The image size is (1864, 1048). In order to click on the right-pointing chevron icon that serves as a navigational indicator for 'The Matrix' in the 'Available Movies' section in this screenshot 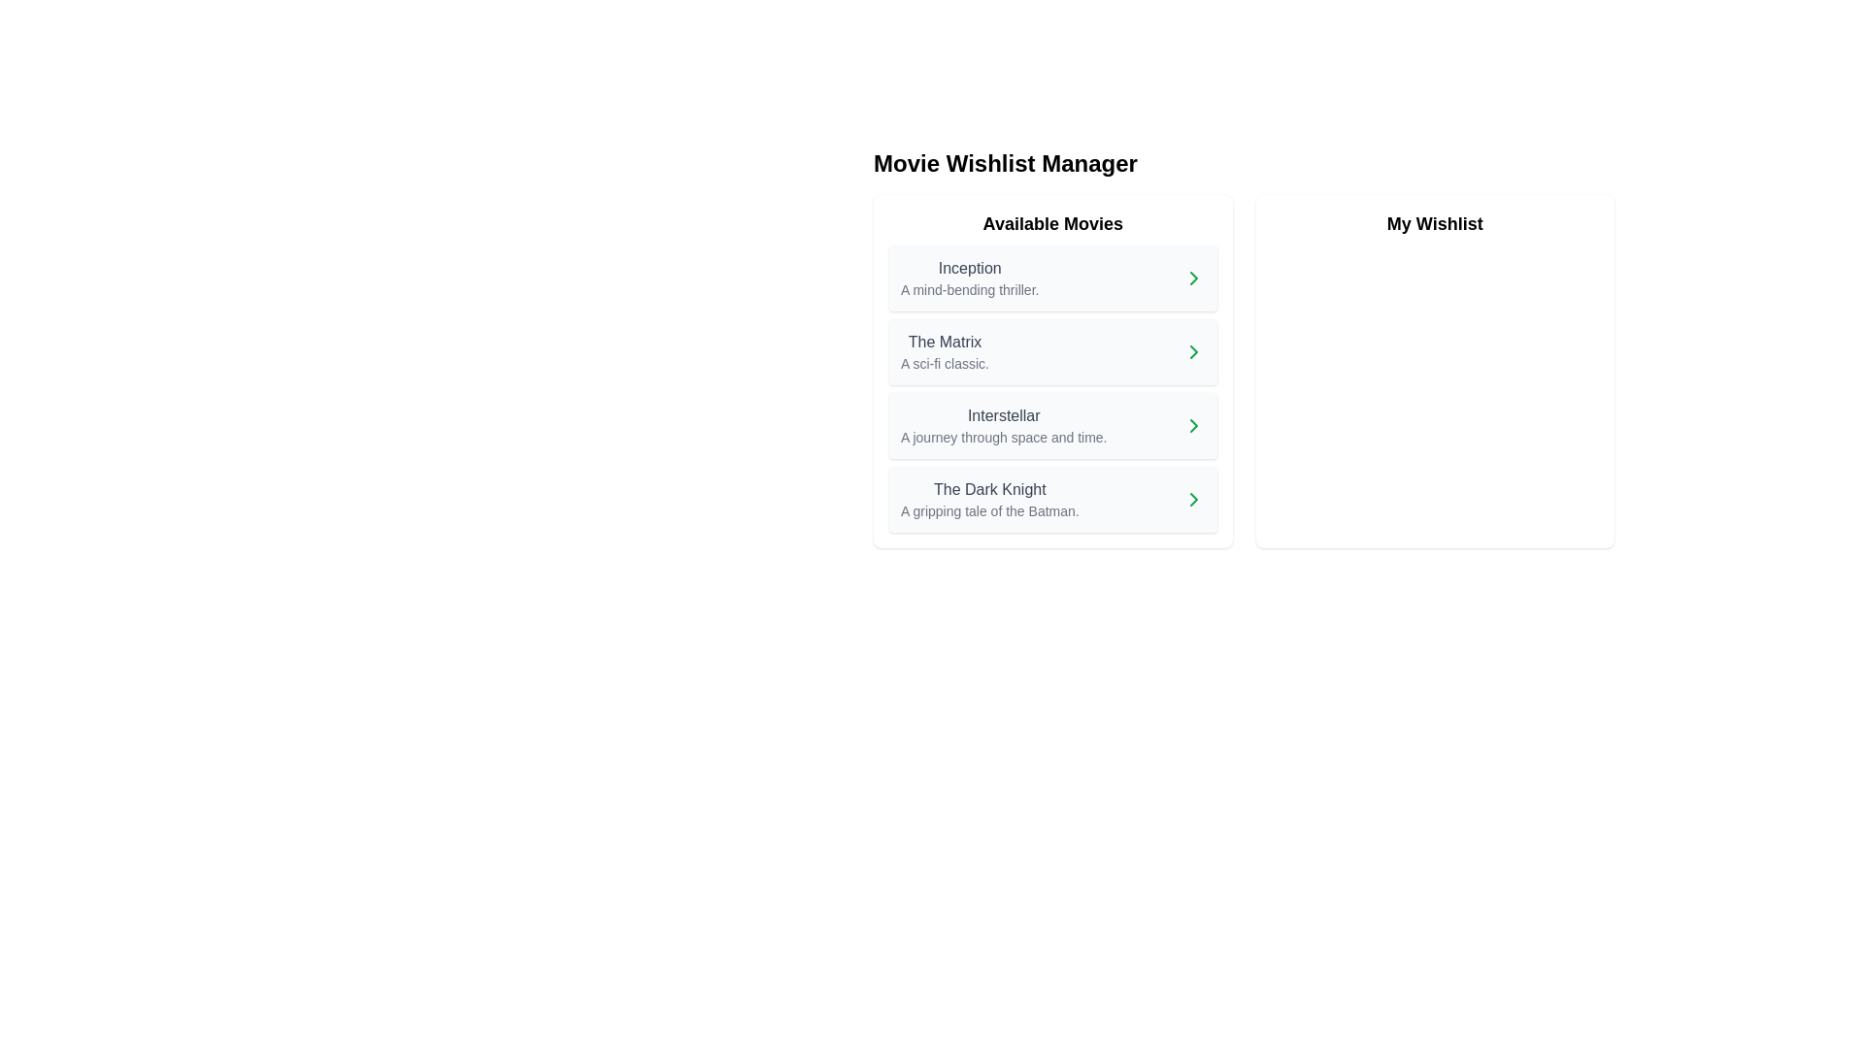, I will do `click(1192, 351)`.